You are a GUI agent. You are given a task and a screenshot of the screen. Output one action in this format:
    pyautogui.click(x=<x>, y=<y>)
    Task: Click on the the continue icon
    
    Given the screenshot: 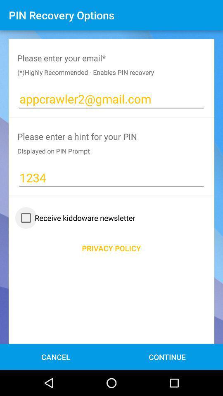 What is the action you would take?
    pyautogui.click(x=167, y=356)
    